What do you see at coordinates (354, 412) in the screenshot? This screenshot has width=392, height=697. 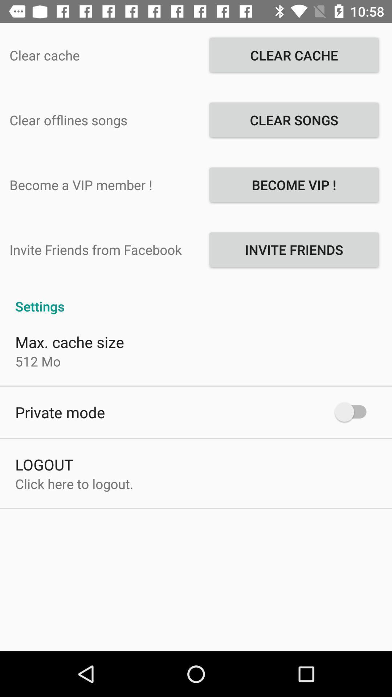 I see `the app next to private mode icon` at bounding box center [354, 412].